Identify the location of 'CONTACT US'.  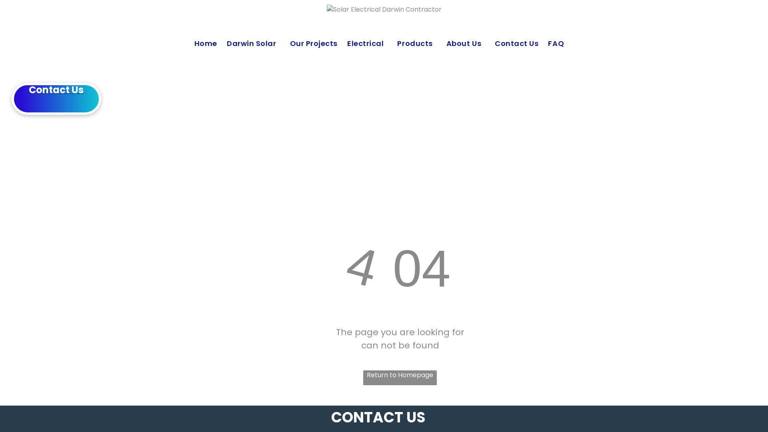
(378, 417).